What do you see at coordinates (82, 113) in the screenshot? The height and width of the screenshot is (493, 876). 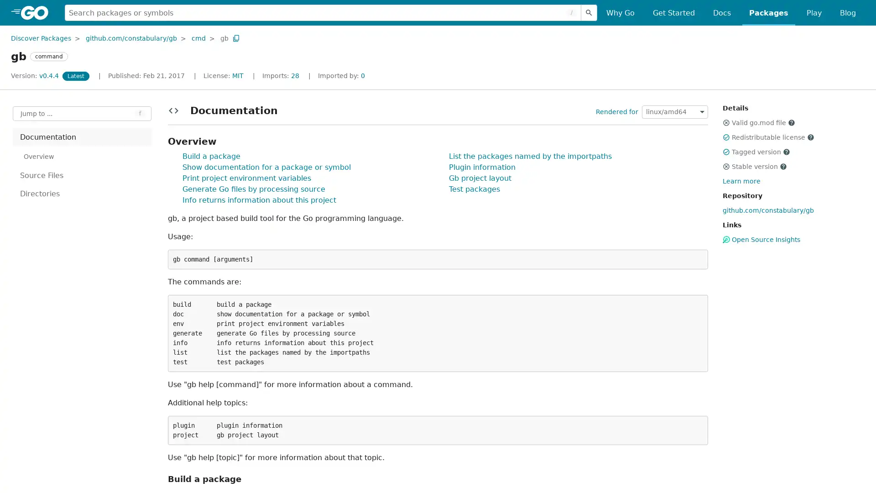 I see `Open Jump to Identifier` at bounding box center [82, 113].